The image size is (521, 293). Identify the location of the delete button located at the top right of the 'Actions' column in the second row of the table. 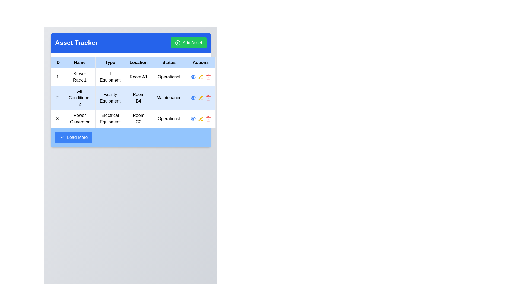
(208, 77).